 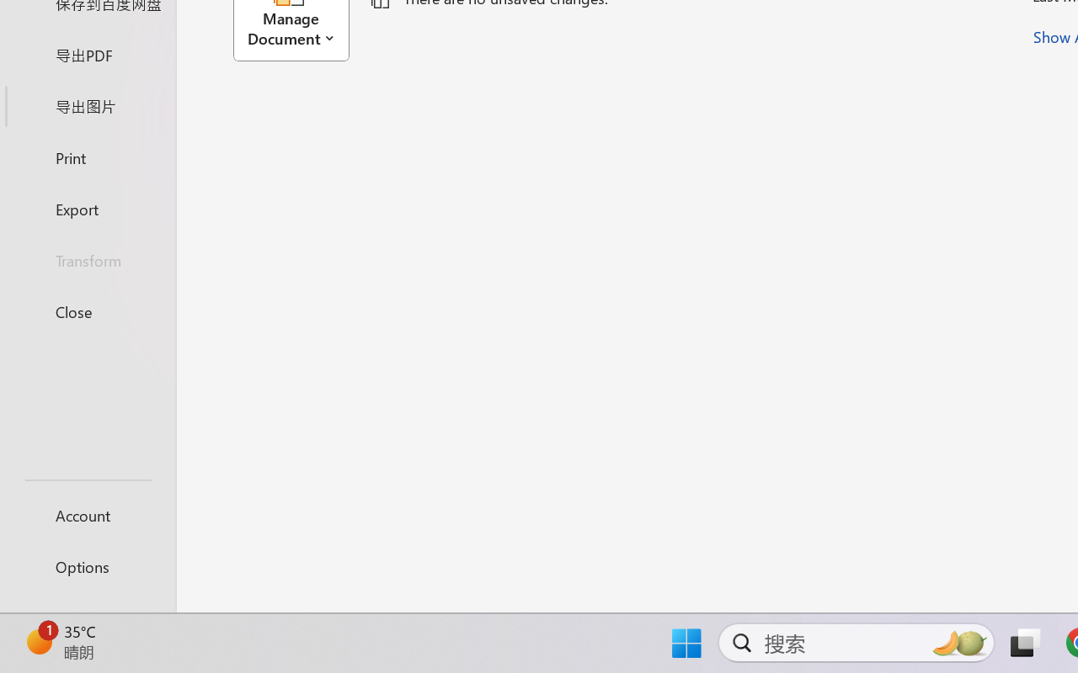 What do you see at coordinates (87, 515) in the screenshot?
I see `'Account'` at bounding box center [87, 515].